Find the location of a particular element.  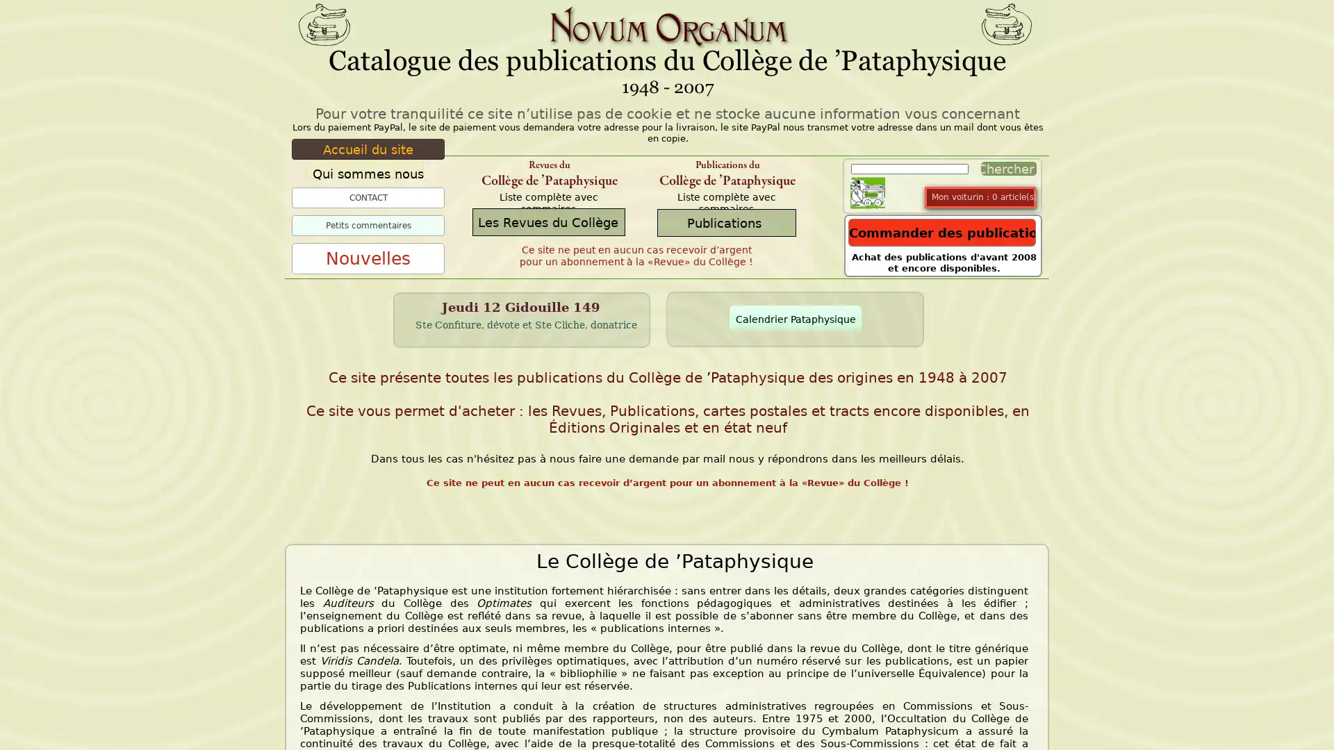

Nouvelles is located at coordinates (368, 258).